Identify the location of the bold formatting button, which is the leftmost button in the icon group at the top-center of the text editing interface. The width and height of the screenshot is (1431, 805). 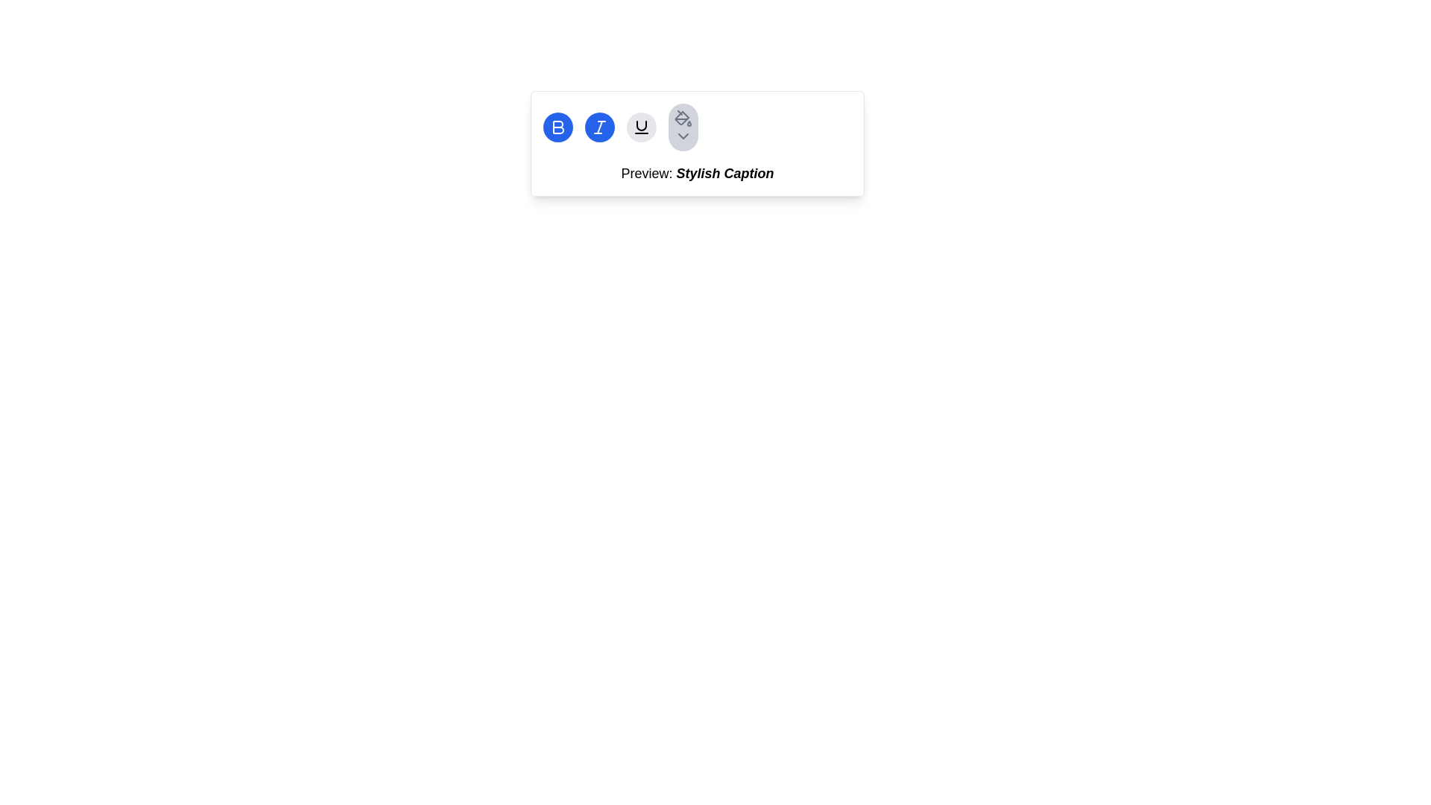
(557, 126).